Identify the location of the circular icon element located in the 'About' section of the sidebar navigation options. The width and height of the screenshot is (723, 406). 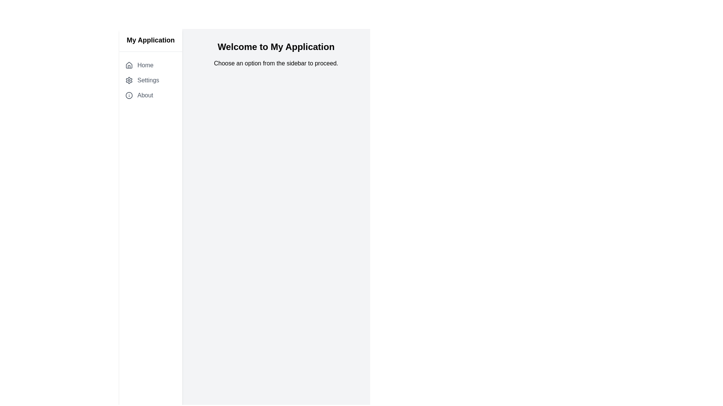
(129, 95).